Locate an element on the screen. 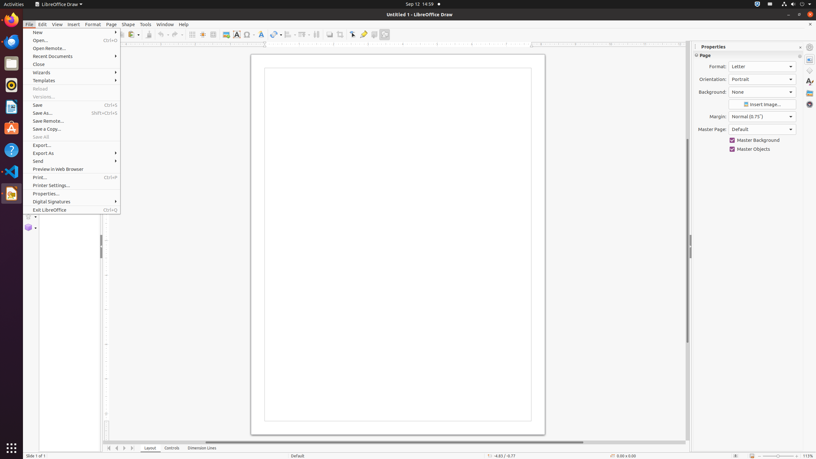  'Shape' is located at coordinates (128, 24).